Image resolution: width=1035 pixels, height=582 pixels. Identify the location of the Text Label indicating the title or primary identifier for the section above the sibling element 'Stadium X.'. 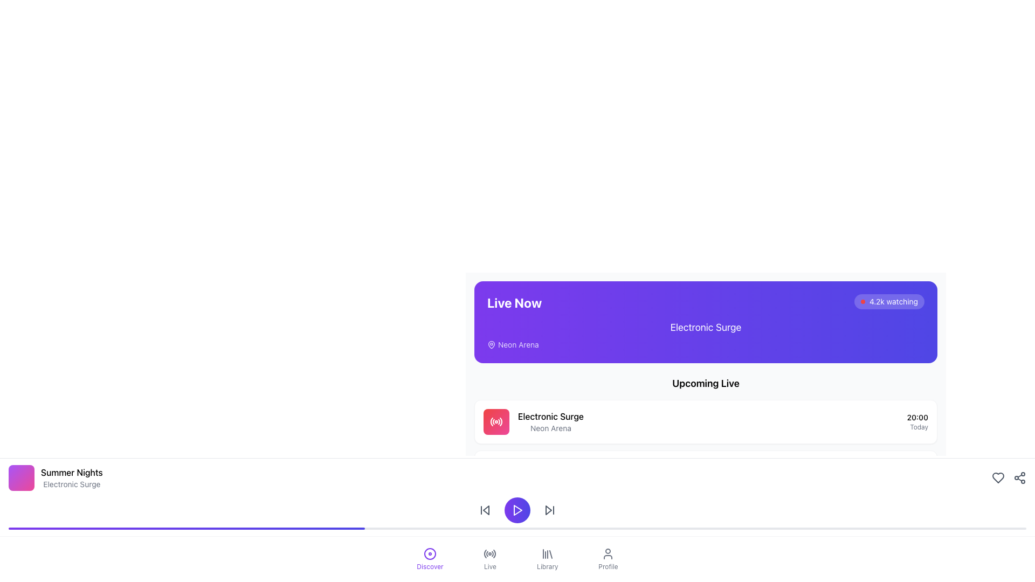
(546, 517).